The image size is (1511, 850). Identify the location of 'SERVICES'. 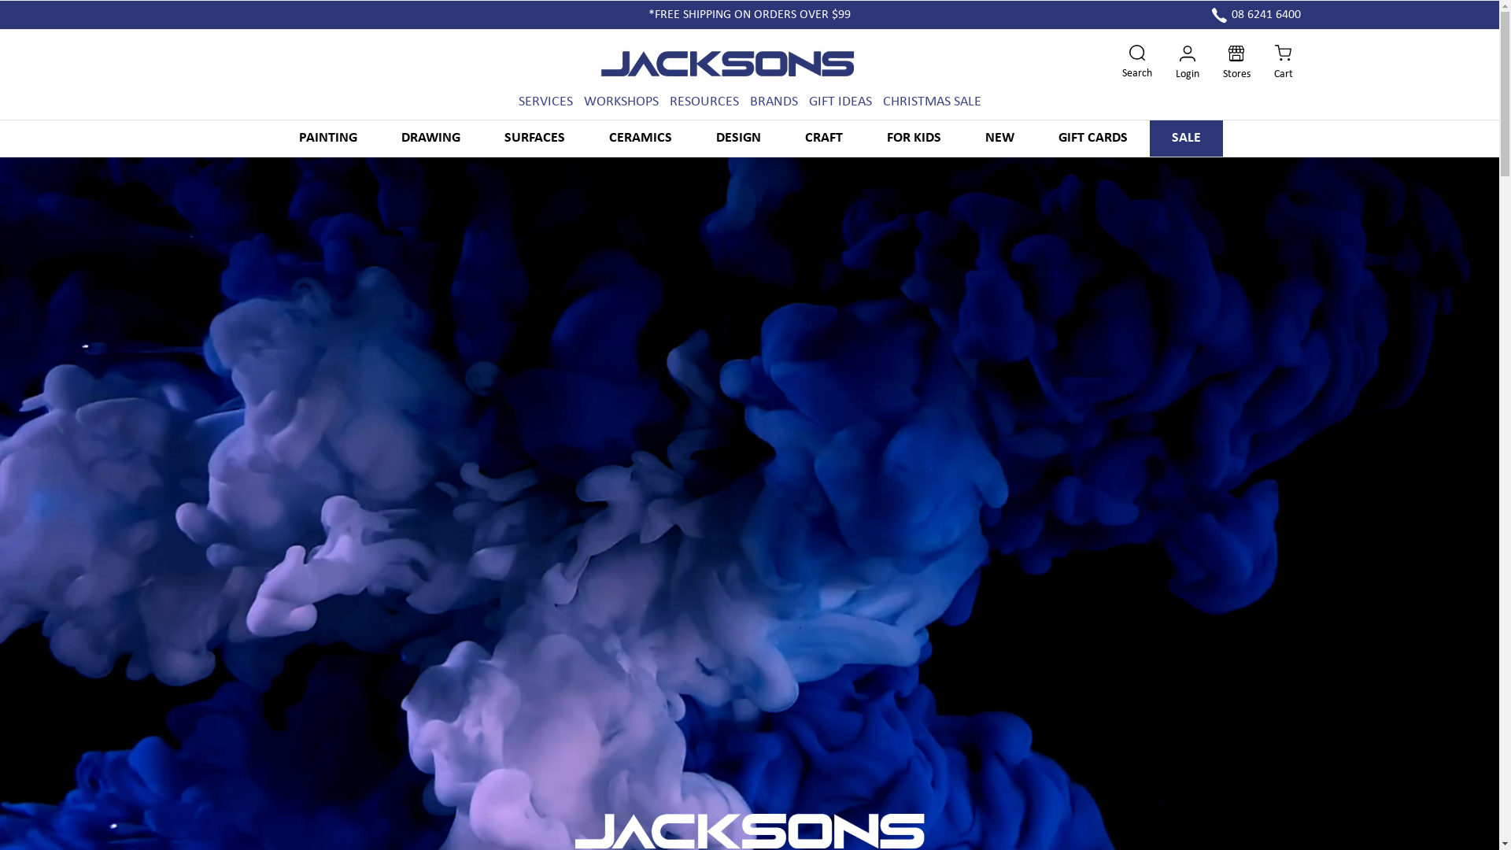
(545, 102).